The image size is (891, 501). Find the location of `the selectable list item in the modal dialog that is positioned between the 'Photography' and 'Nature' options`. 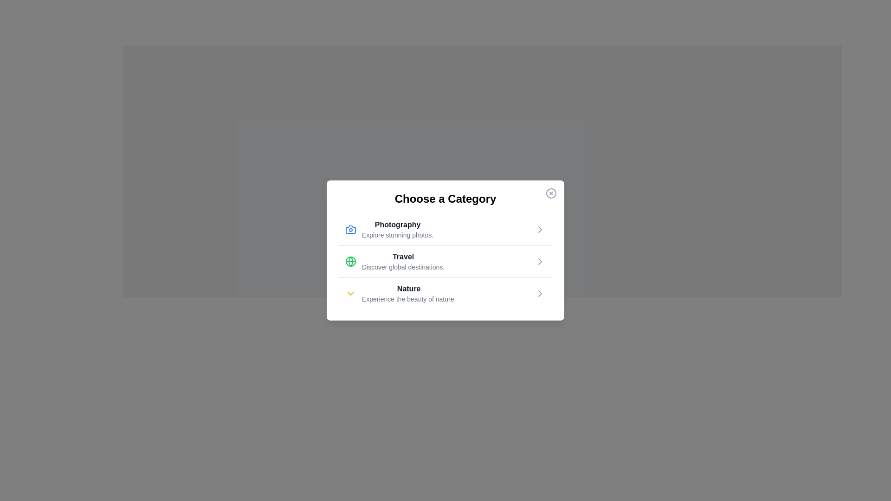

the selectable list item in the modal dialog that is positioned between the 'Photography' and 'Nature' options is located at coordinates (445, 261).